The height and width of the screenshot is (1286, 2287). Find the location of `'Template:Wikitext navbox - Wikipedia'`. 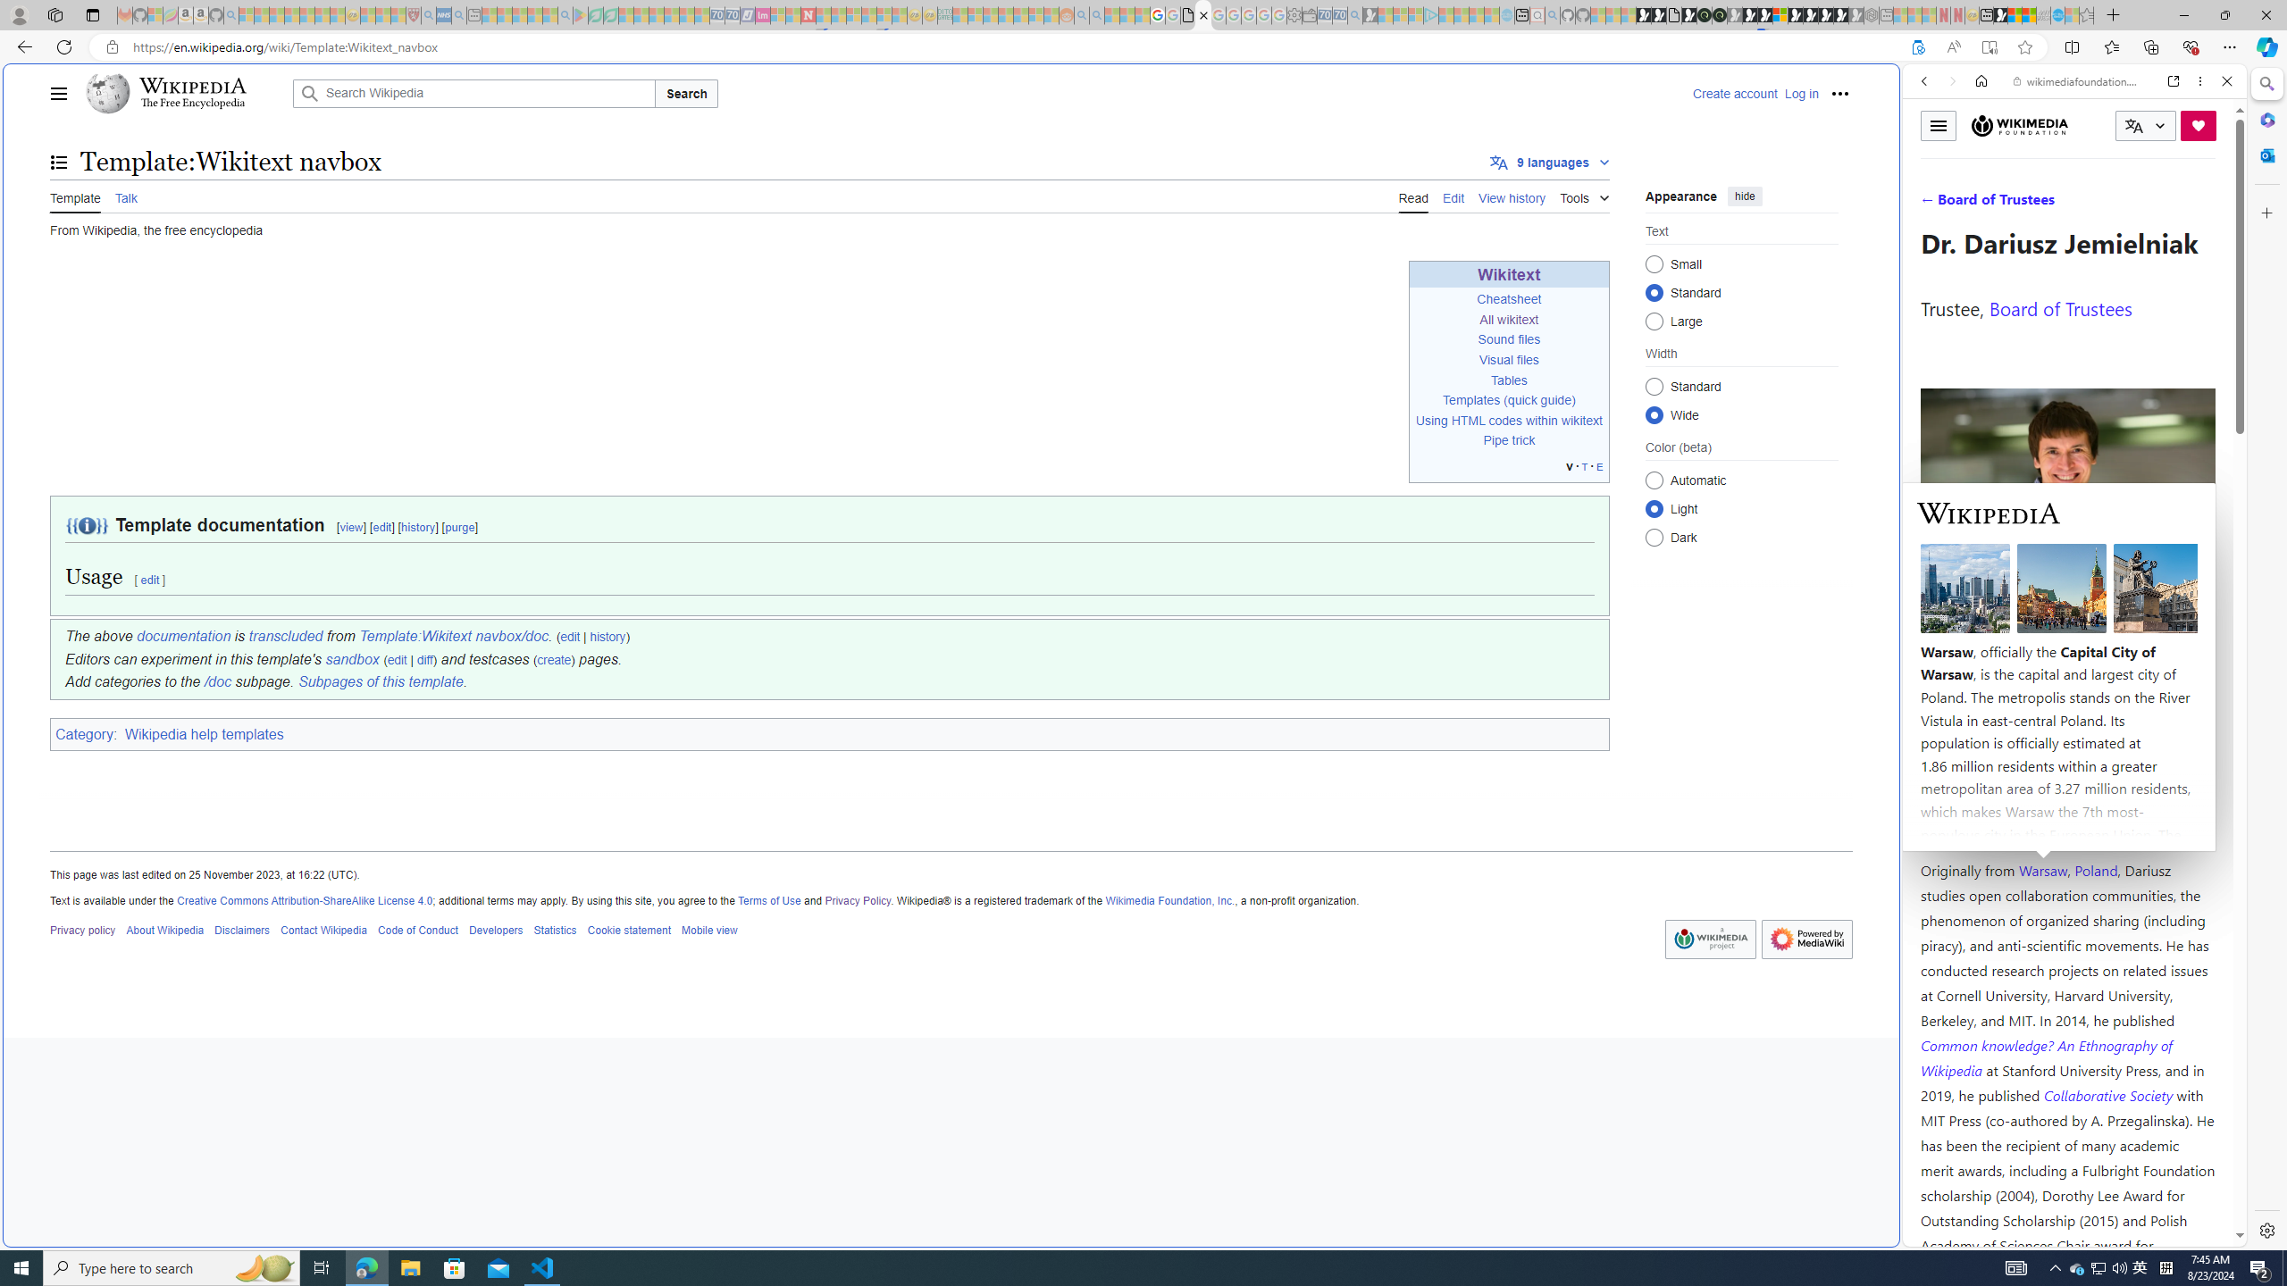

'Template:Wikitext navbox - Wikipedia' is located at coordinates (1202, 14).